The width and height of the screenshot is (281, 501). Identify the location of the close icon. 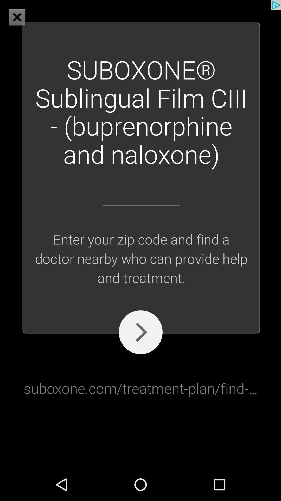
(20, 22).